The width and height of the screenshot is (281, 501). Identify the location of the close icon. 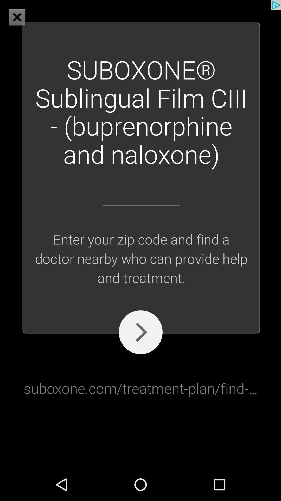
(20, 22).